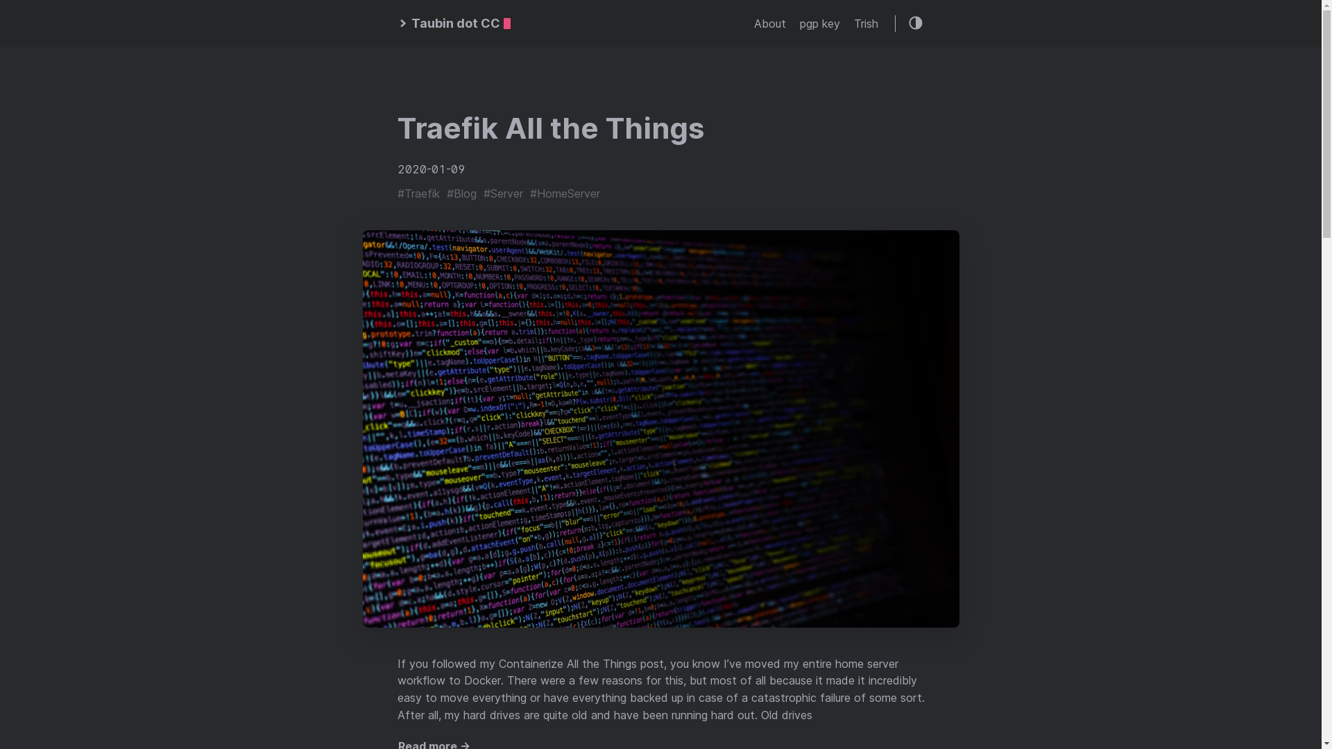  Describe the element at coordinates (799, 24) in the screenshot. I see `'pgp key'` at that location.